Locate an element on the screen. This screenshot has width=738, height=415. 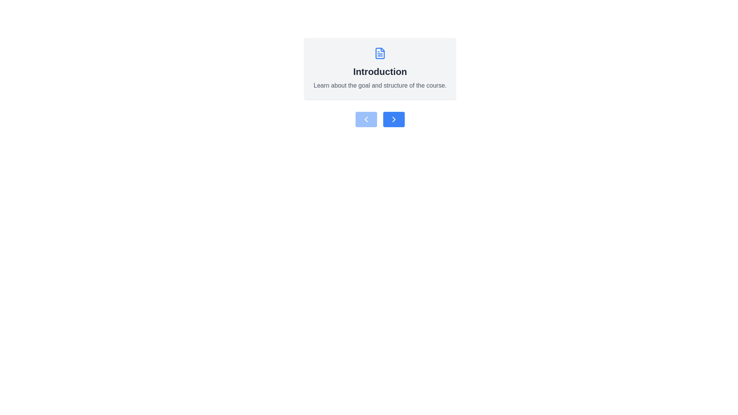
the button with a blue background and white text, featuring a right-pointing chevron icon, located below the 'Introduction' section is located at coordinates (394, 120).